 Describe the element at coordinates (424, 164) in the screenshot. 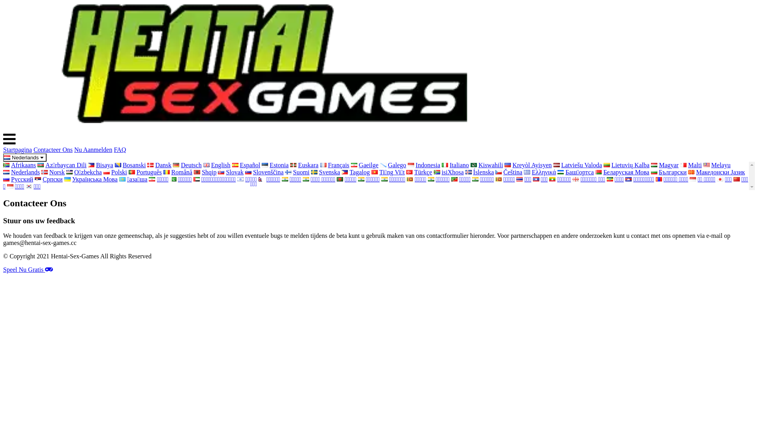

I see `'Indonesia'` at that location.